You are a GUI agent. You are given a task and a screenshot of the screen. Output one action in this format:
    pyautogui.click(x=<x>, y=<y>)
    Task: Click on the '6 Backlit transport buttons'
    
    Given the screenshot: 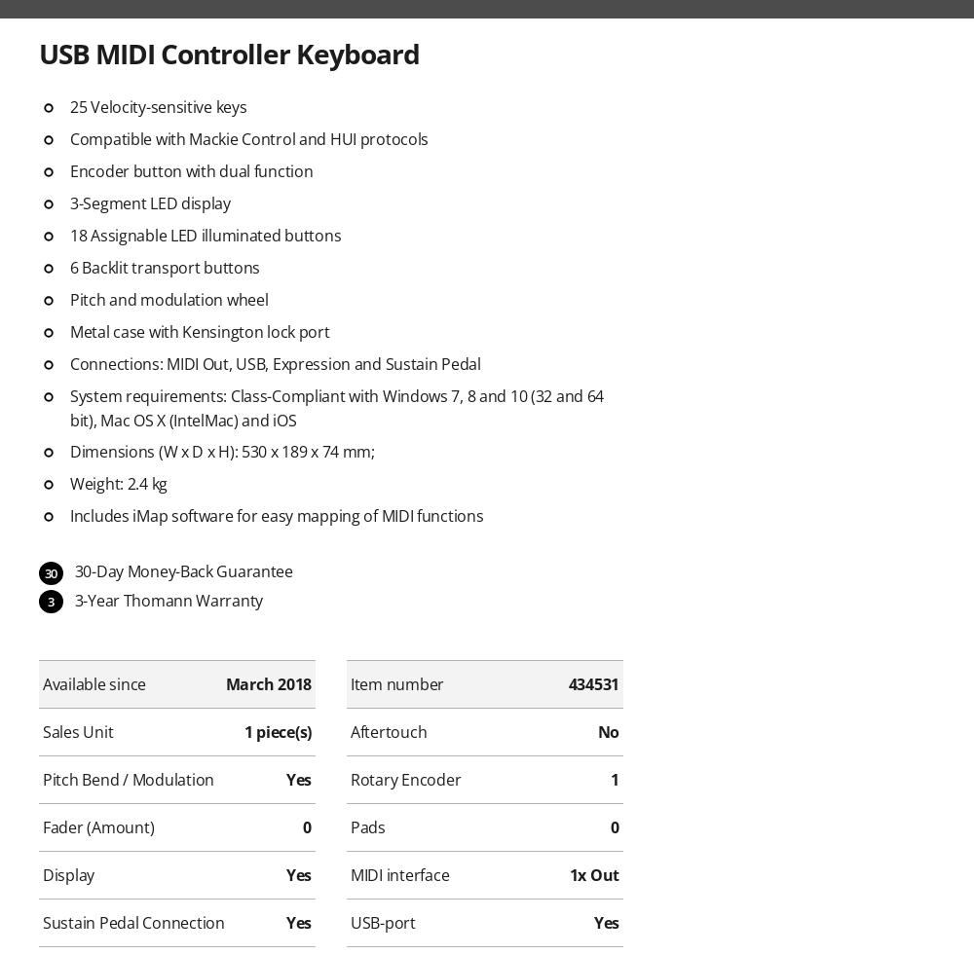 What is the action you would take?
    pyautogui.click(x=69, y=266)
    